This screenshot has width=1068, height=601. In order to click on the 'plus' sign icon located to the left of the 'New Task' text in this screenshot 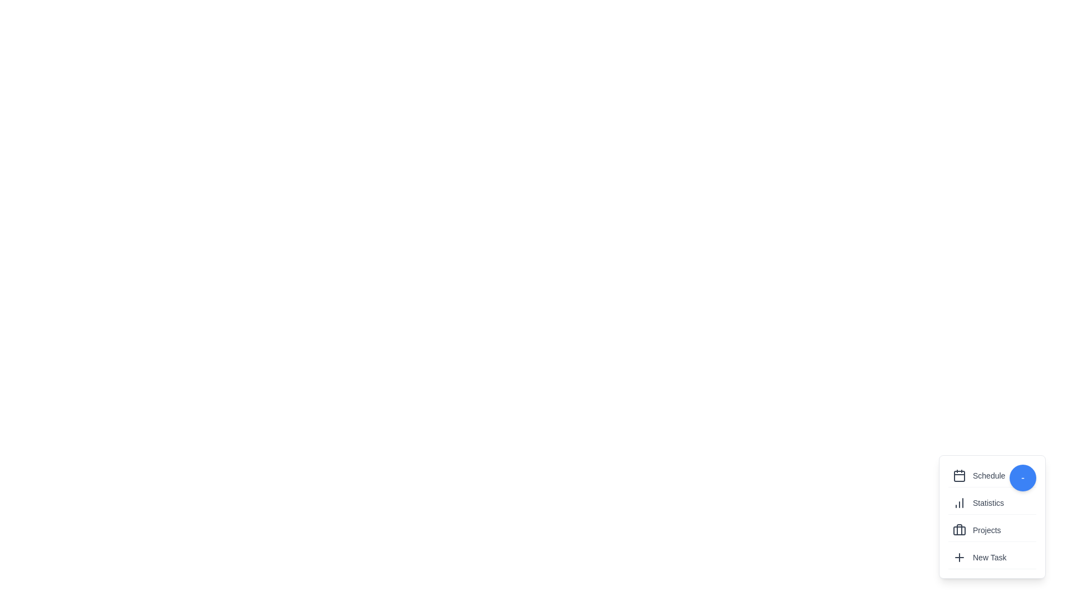, I will do `click(958, 558)`.